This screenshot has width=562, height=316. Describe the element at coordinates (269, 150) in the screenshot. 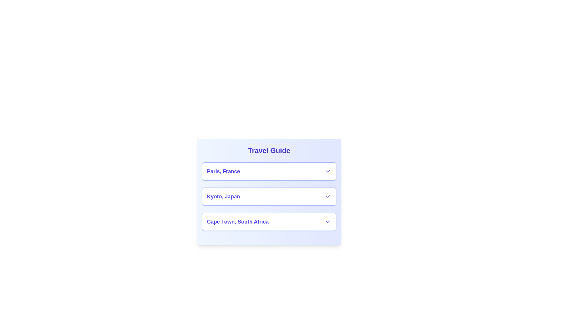

I see `the bold heading 'Travel Guide' which is styled in moderate-blue color and is centered within a light blue gradient background` at that location.